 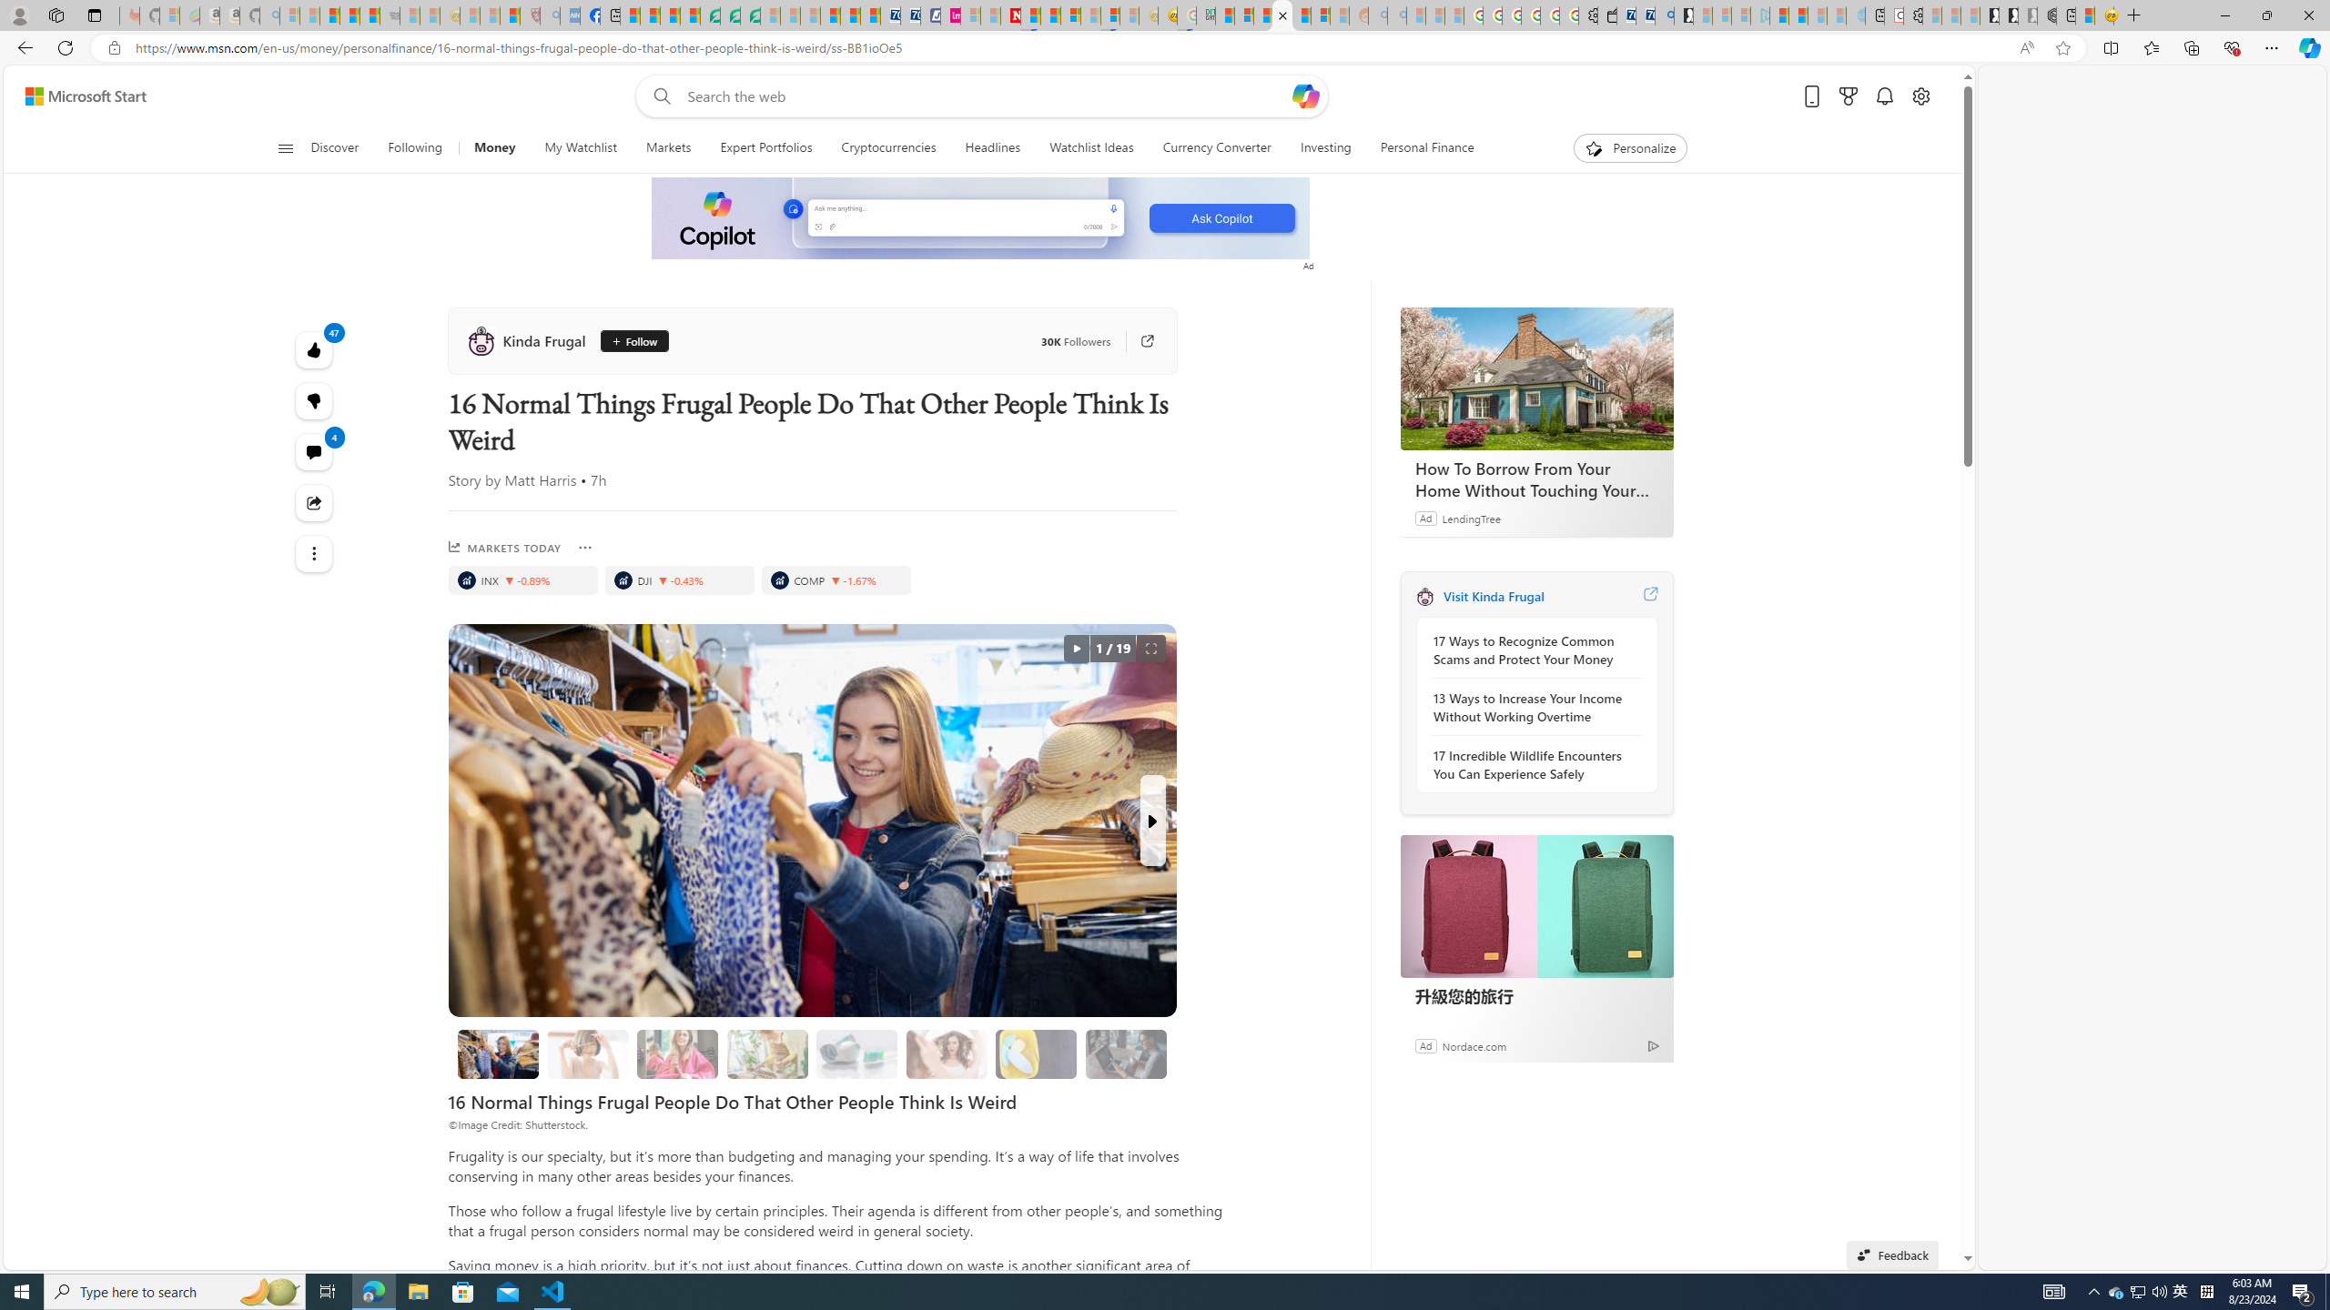 I want to click on 'Go to publisher', so click(x=1138, y=341).